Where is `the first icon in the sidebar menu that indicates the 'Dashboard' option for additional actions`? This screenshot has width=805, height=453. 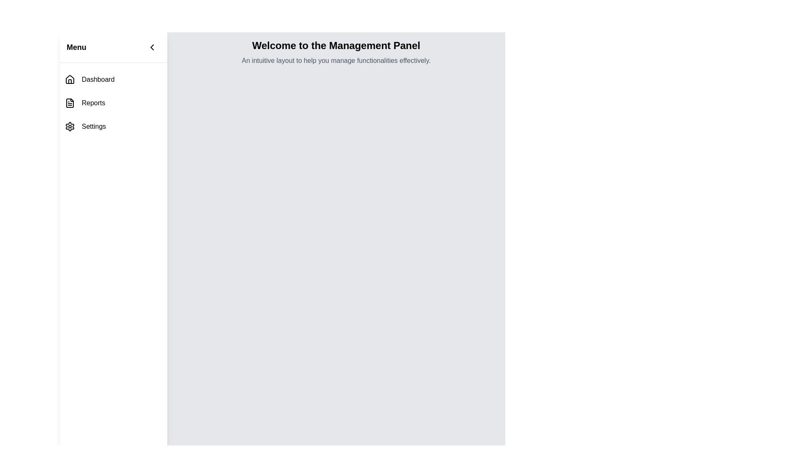 the first icon in the sidebar menu that indicates the 'Dashboard' option for additional actions is located at coordinates (70, 79).